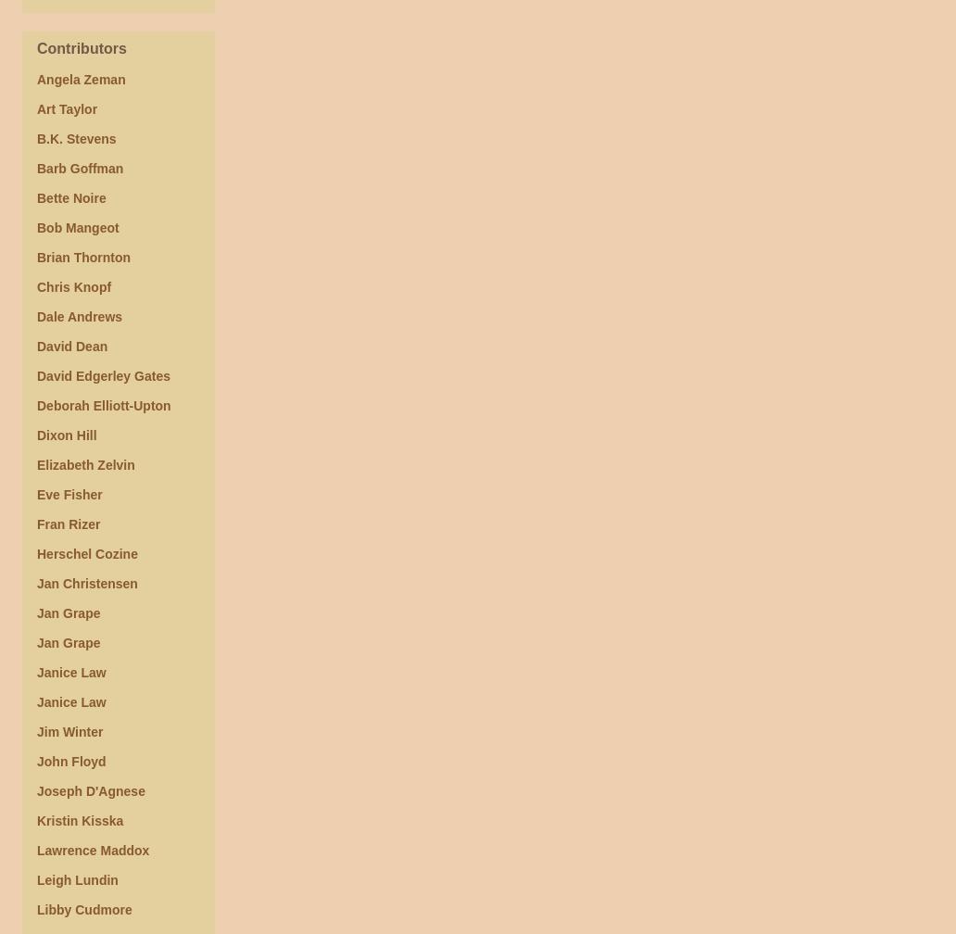 The width and height of the screenshot is (956, 934). I want to click on 'Kristin Kisska', so click(80, 821).